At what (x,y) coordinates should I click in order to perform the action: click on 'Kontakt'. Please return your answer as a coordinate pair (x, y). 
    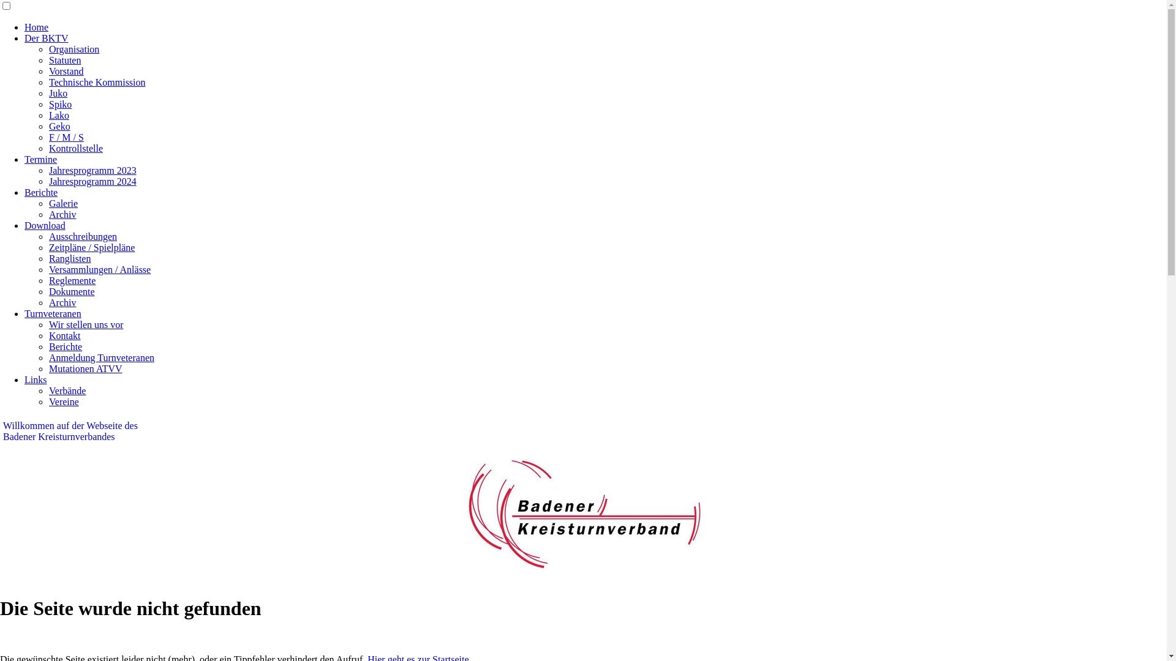
    Looking at the image, I should click on (64, 335).